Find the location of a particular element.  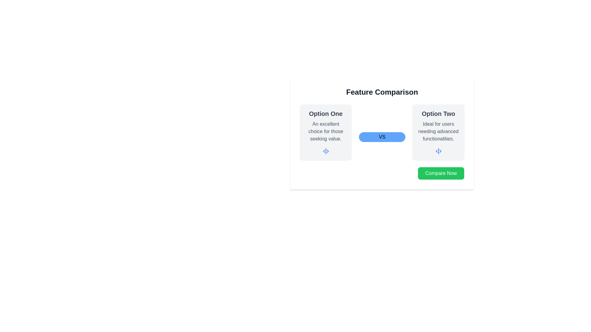

the Informative card that provides detailed information about the 'Option Two' feature, which is located in the rightmost column of a three-column grid layout is located at coordinates (438, 132).